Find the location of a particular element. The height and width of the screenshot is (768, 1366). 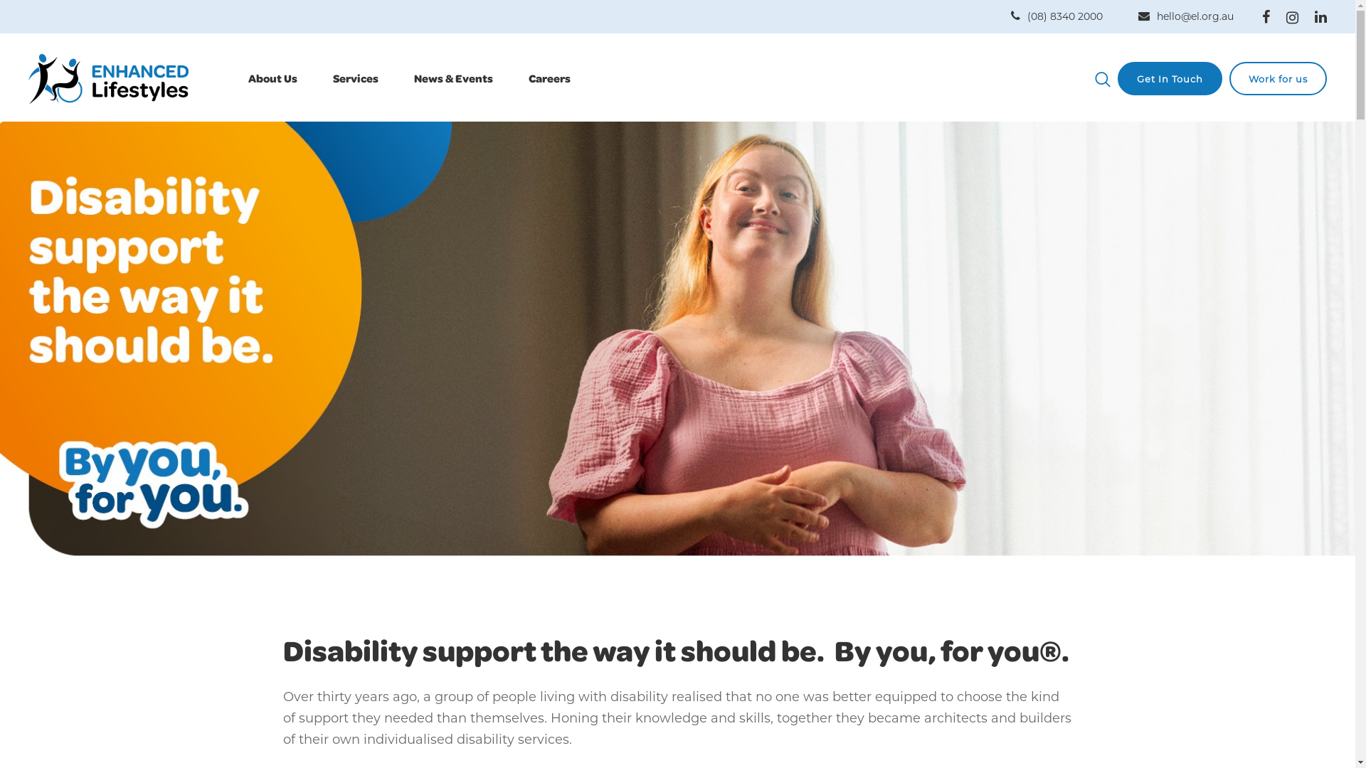

'News & Events' is located at coordinates (413, 78).